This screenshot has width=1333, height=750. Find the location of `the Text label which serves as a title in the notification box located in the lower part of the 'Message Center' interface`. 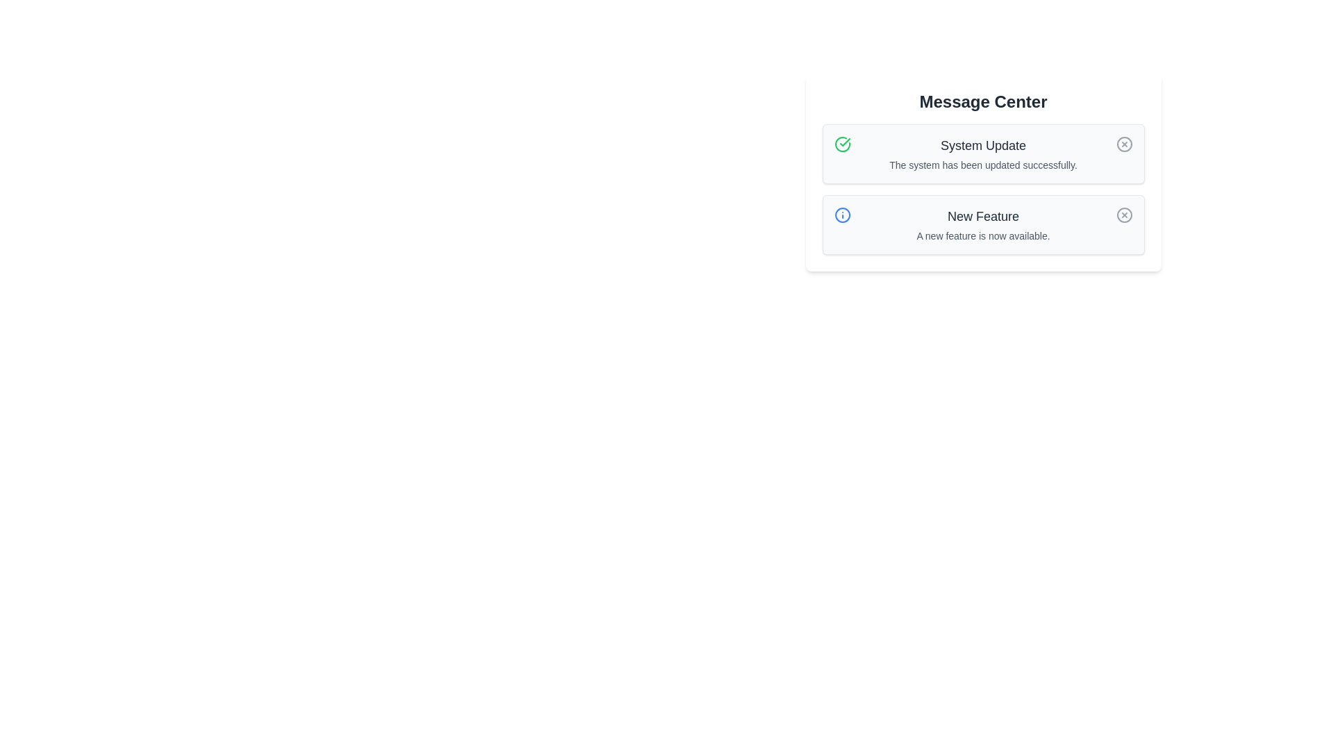

the Text label which serves as a title in the notification box located in the lower part of the 'Message Center' interface is located at coordinates (982, 217).